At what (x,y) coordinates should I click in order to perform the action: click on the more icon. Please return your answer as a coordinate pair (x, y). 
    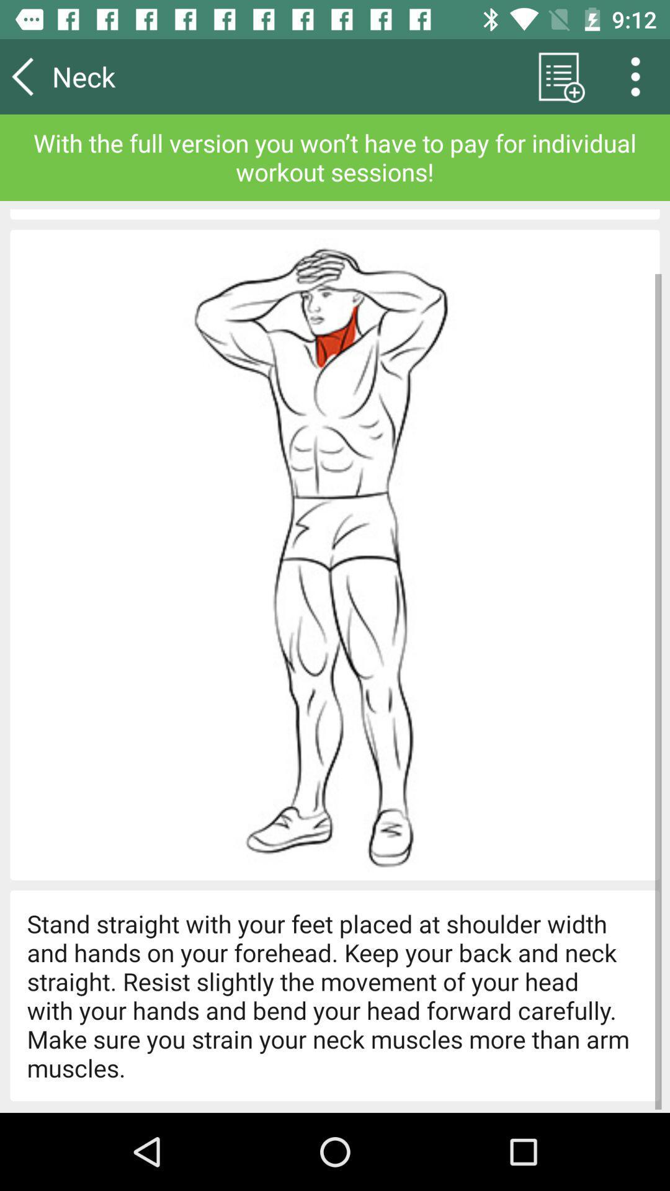
    Looking at the image, I should click on (640, 76).